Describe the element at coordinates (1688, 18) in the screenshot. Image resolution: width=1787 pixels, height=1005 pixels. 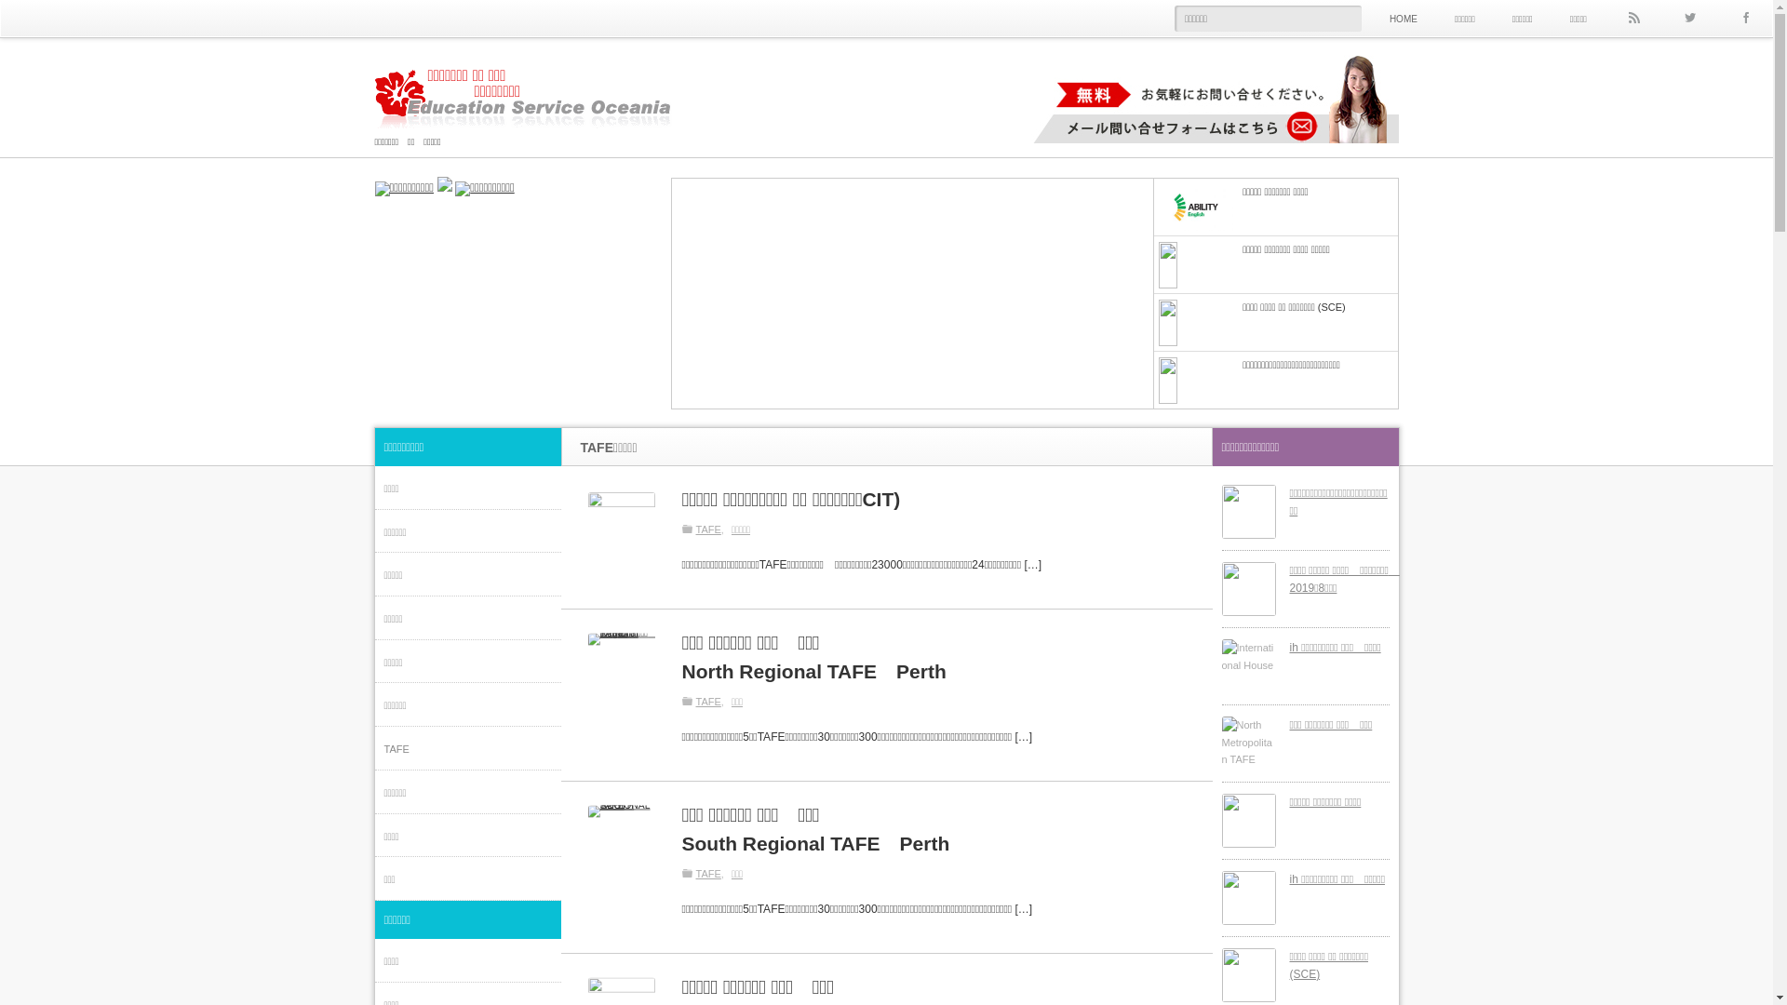
I see `'Twitter'` at that location.